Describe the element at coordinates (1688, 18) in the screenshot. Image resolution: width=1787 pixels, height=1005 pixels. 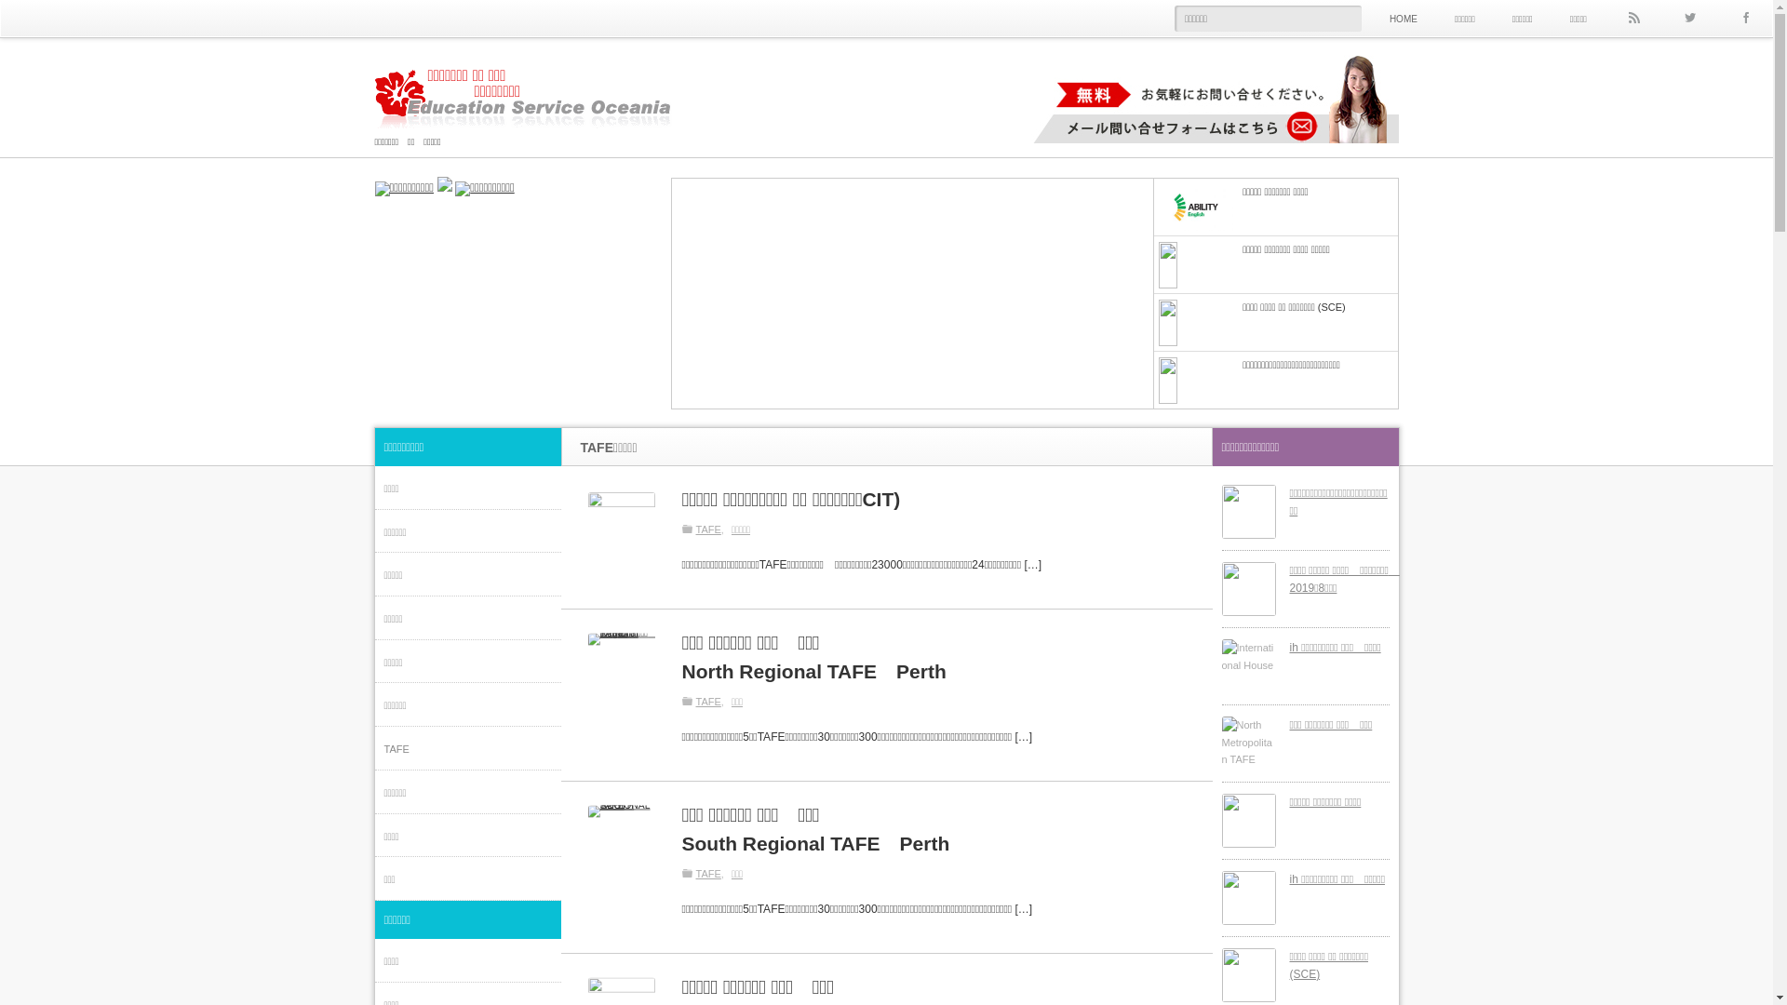
I see `'Twitter'` at that location.